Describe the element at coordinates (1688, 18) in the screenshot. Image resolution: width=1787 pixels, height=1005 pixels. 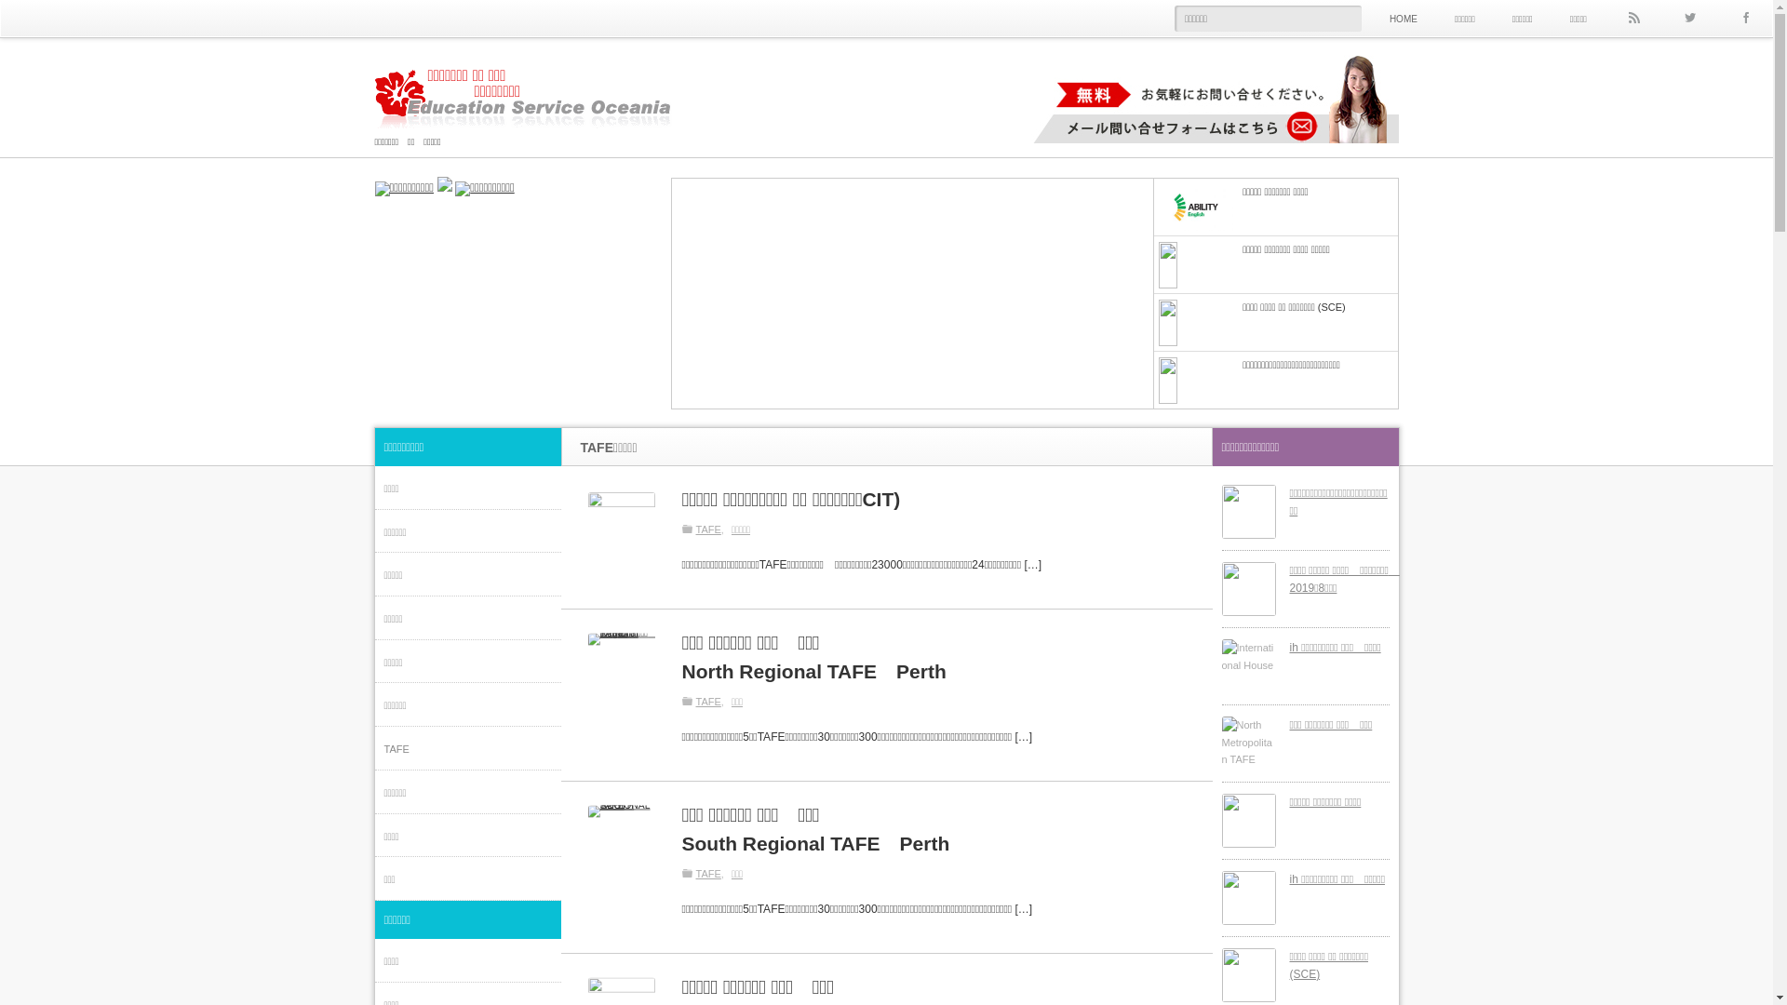
I see `'Twitter'` at that location.